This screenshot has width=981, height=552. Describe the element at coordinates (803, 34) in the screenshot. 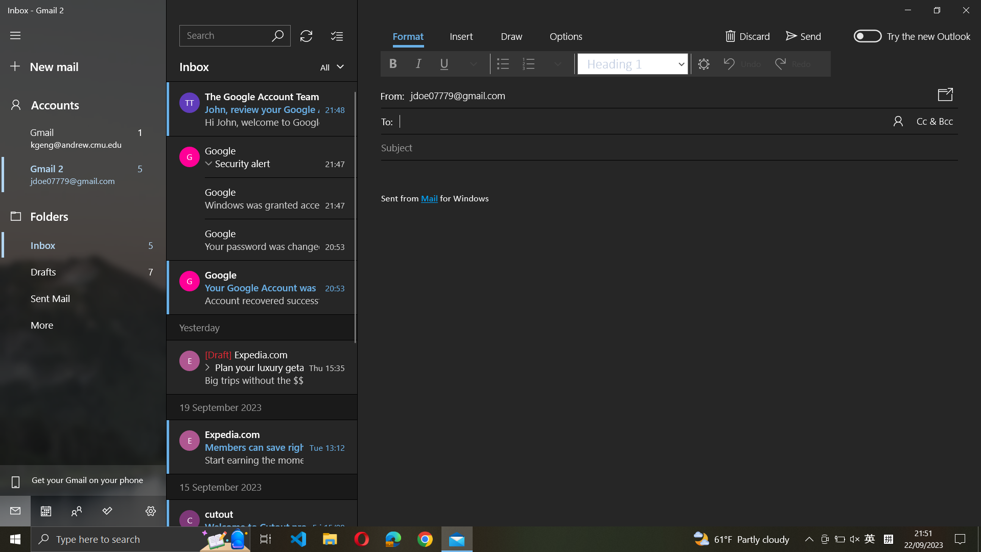

I see `Execute email sending` at that location.